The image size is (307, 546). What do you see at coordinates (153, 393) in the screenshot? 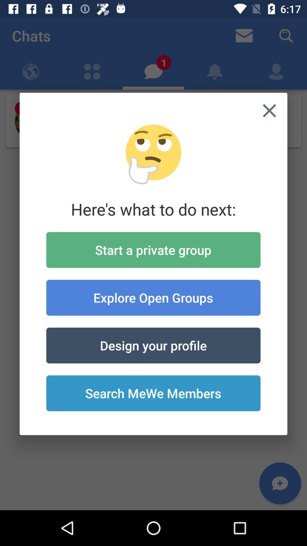
I see `icon below the design your profile icon` at bounding box center [153, 393].